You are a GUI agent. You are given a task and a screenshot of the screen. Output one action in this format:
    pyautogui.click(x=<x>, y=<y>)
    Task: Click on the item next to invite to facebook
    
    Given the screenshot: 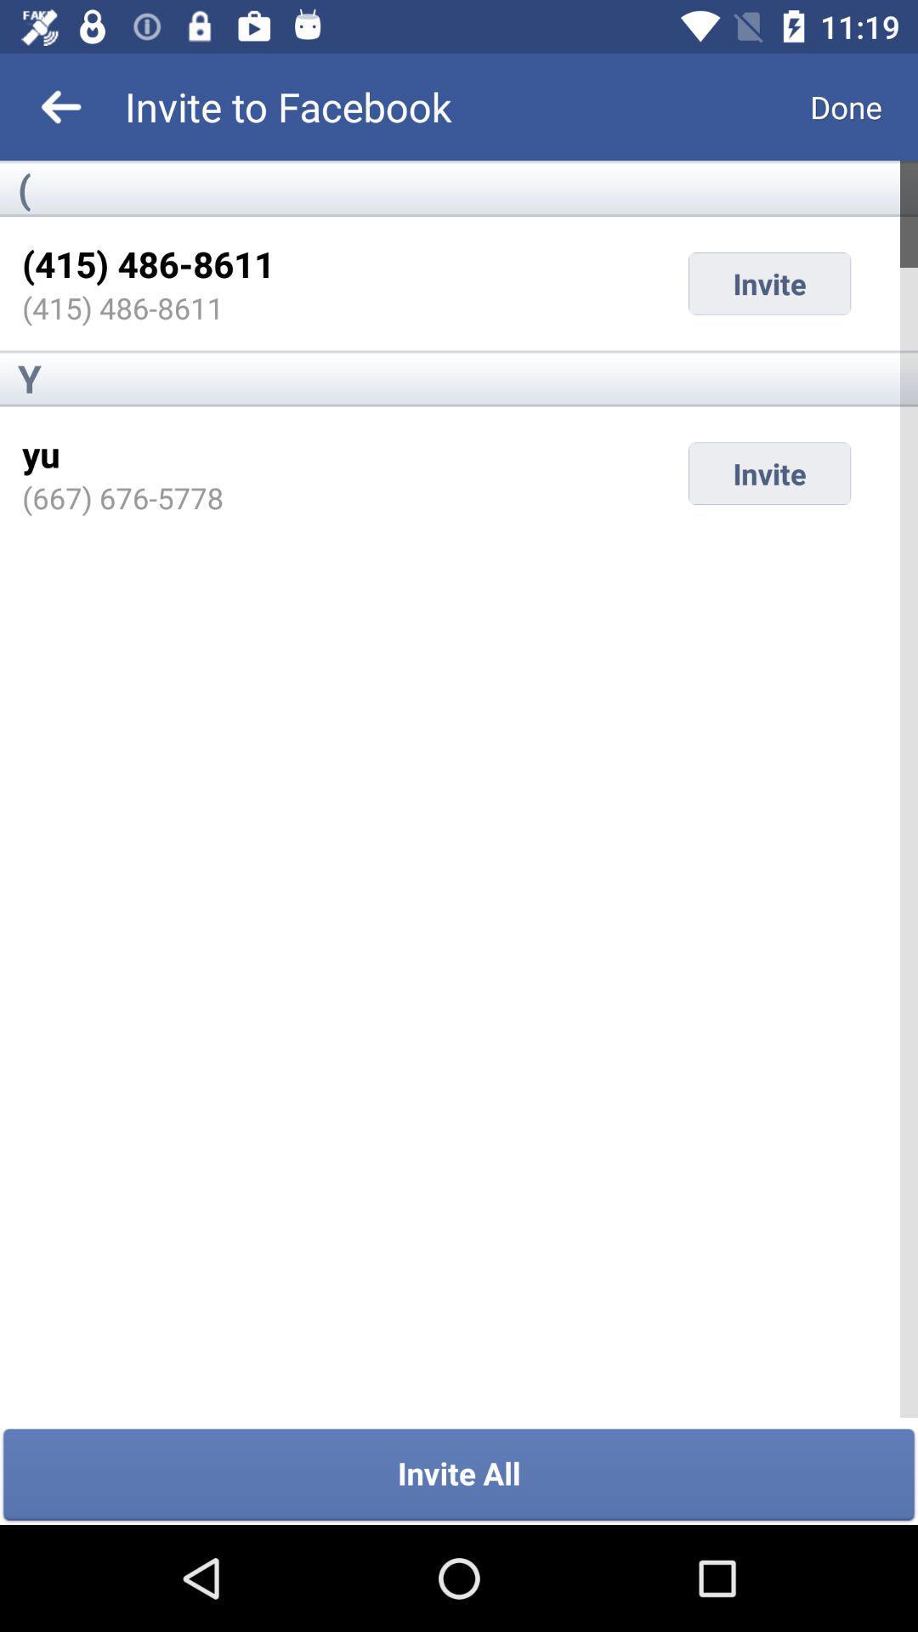 What is the action you would take?
    pyautogui.click(x=846, y=105)
    